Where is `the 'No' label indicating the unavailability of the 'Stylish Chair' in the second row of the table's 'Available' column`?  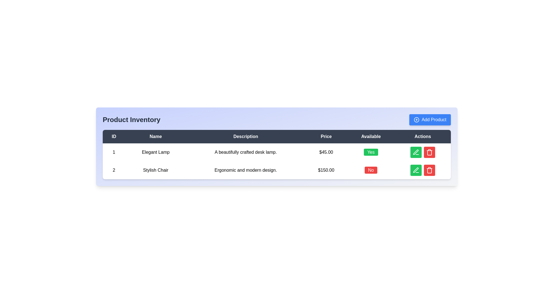
the 'No' label indicating the unavailability of the 'Stylish Chair' in the second row of the table's 'Available' column is located at coordinates (371, 170).